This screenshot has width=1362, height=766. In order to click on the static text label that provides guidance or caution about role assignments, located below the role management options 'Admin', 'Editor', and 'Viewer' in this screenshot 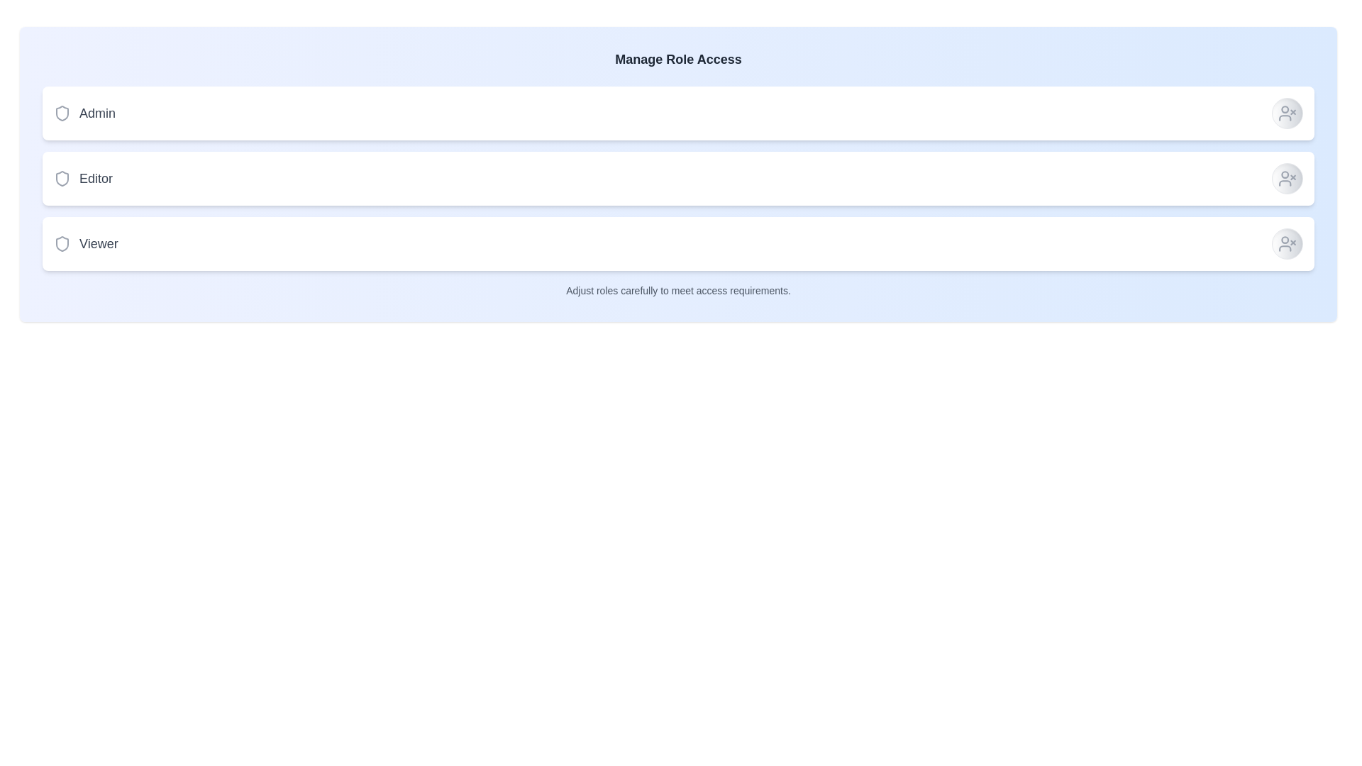, I will do `click(677, 289)`.